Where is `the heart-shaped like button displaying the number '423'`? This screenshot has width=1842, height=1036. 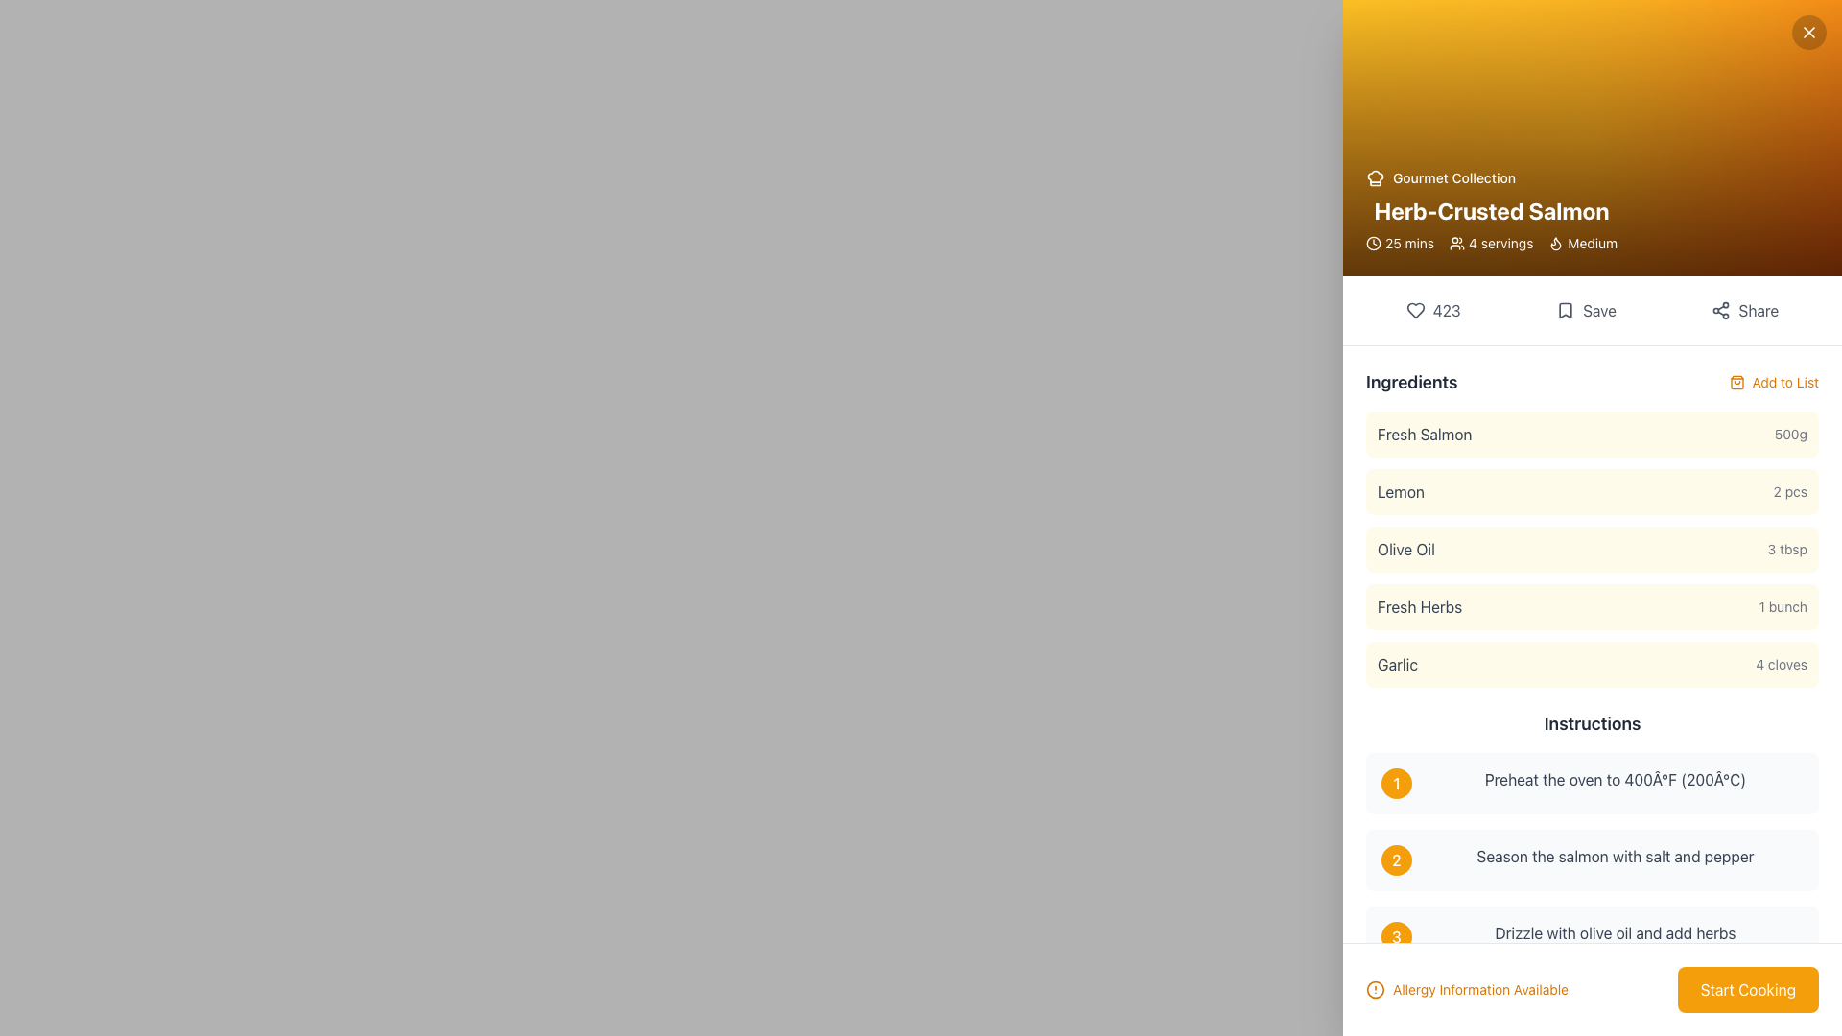 the heart-shaped like button displaying the number '423' is located at coordinates (1432, 310).